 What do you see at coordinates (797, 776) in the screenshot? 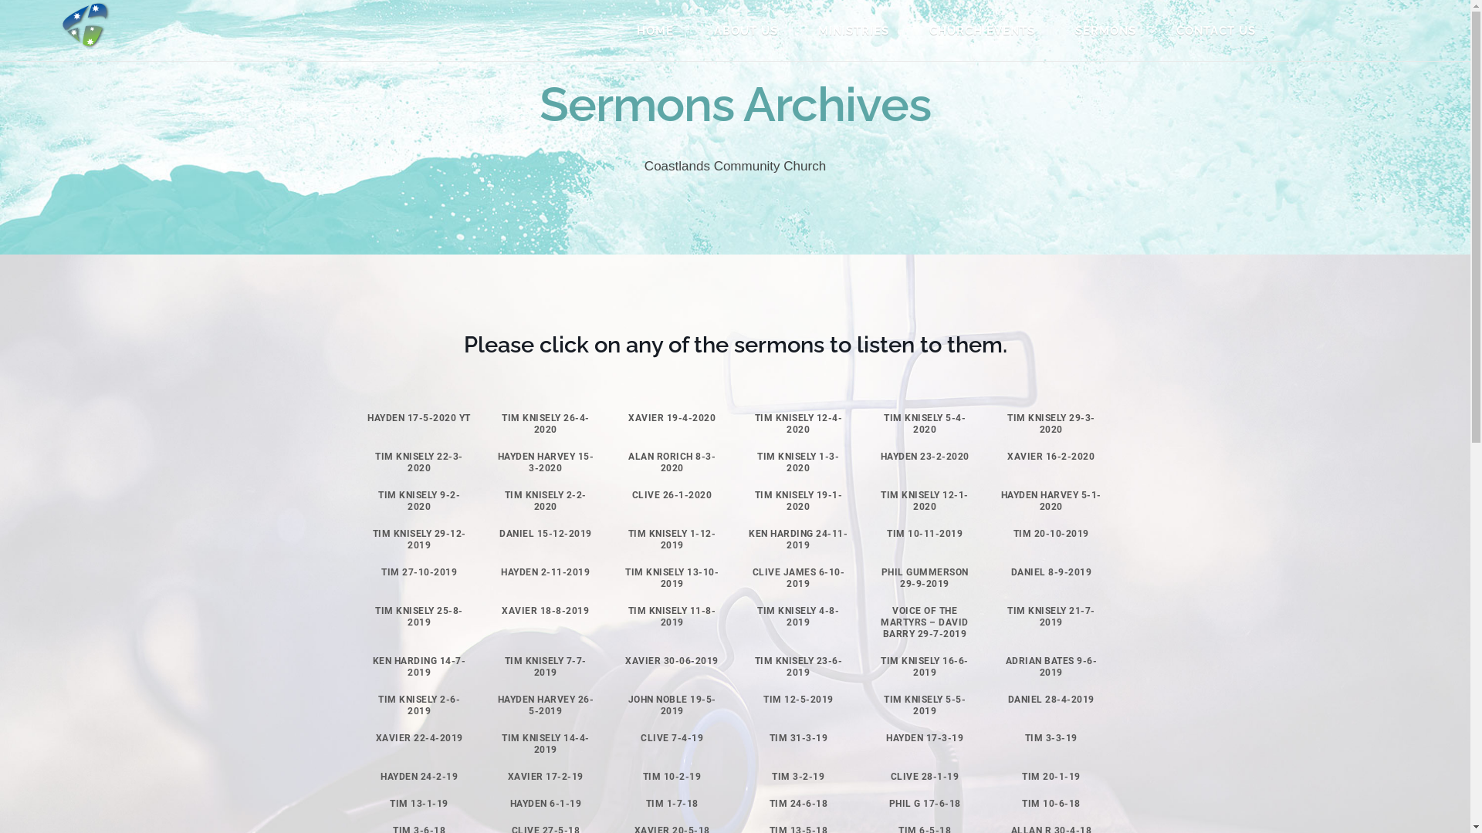
I see `'TIM 3-2-19'` at bounding box center [797, 776].